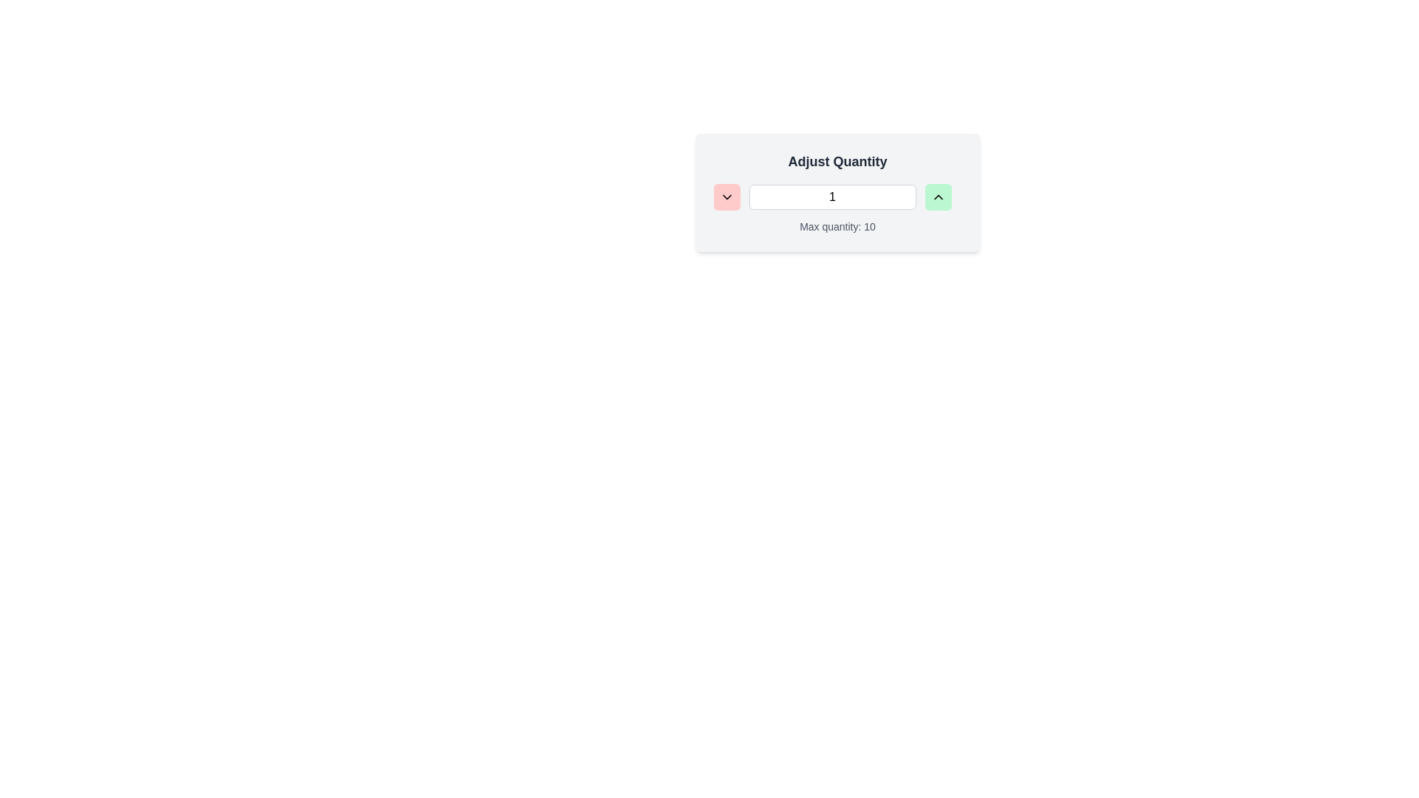 The height and width of the screenshot is (798, 1419). What do you see at coordinates (837, 162) in the screenshot?
I see `the static text displaying 'Adjust Quantity' in bold at the top of the card element` at bounding box center [837, 162].